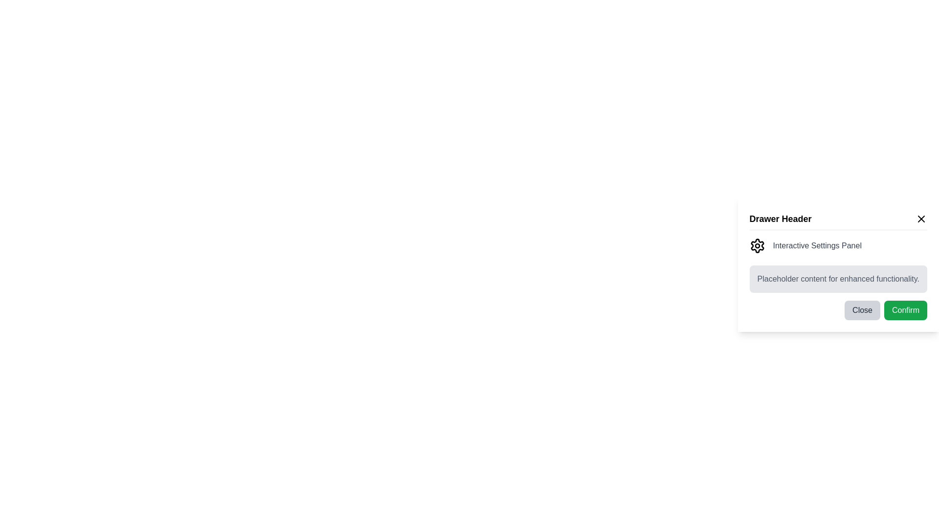 The width and height of the screenshot is (939, 528). Describe the element at coordinates (838, 245) in the screenshot. I see `the 'Interactive Settings Panel' element, which consists of a settings icon resembling a cogwheel followed by the text in a dark color, located in the top section of a drawer-like interface` at that location.